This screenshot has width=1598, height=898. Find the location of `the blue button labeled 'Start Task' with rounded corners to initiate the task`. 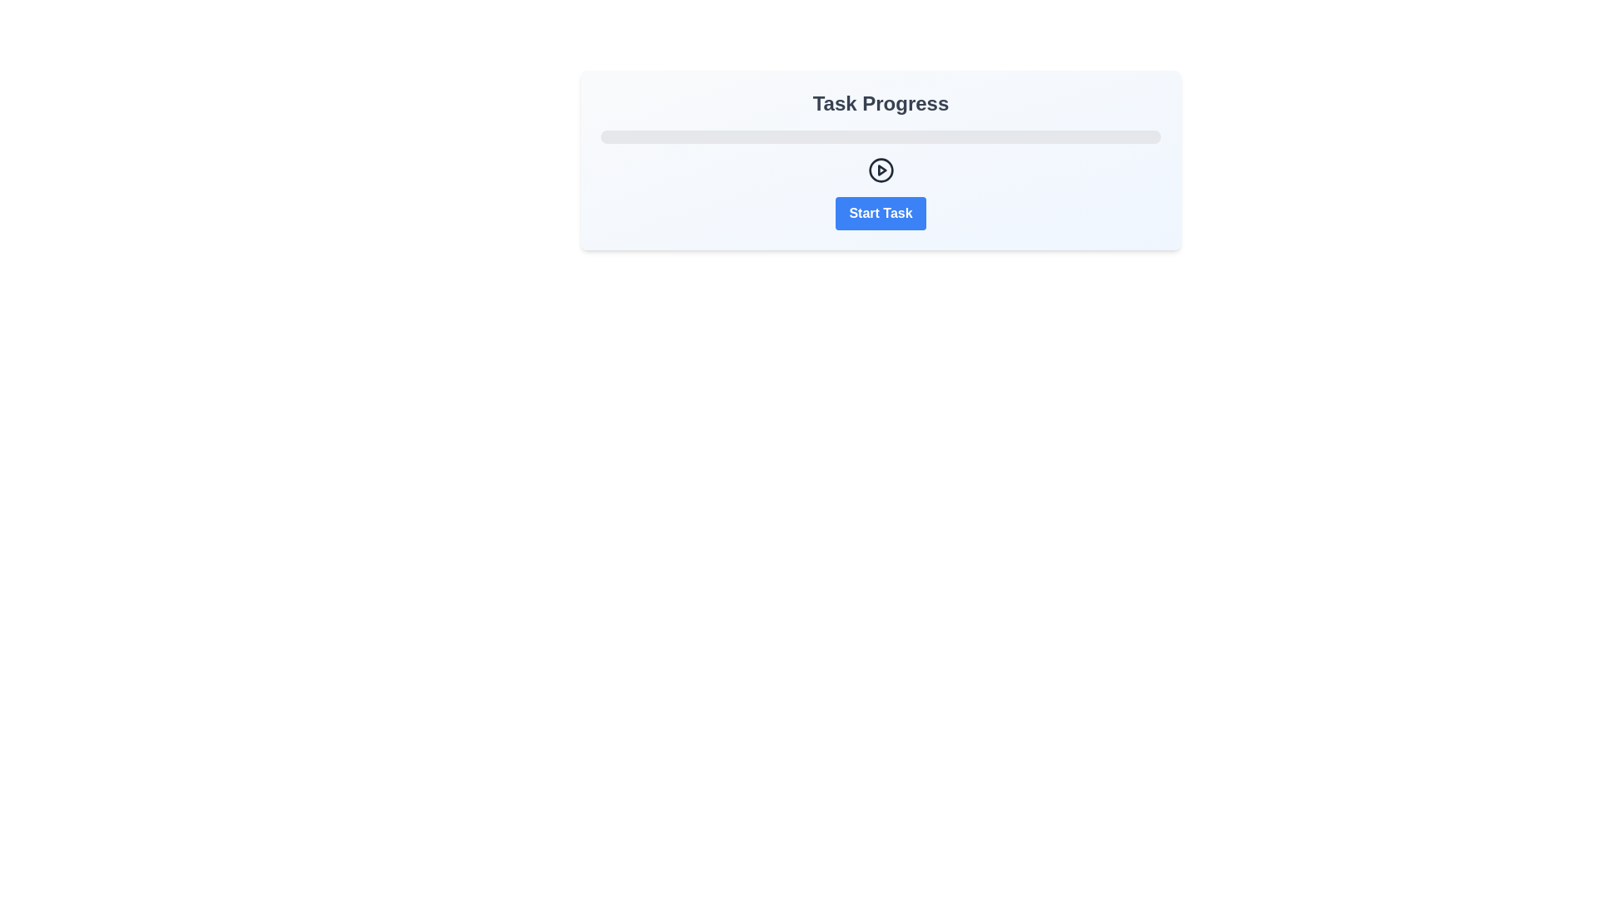

the blue button labeled 'Start Task' with rounded corners to initiate the task is located at coordinates (880, 213).